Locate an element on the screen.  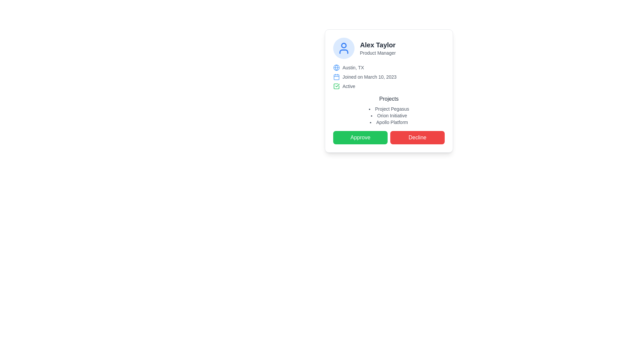
the Text Label that indicates the location associated with the profile presented in the card, positioned immediately to the right of a blue globe icon is located at coordinates (353, 68).